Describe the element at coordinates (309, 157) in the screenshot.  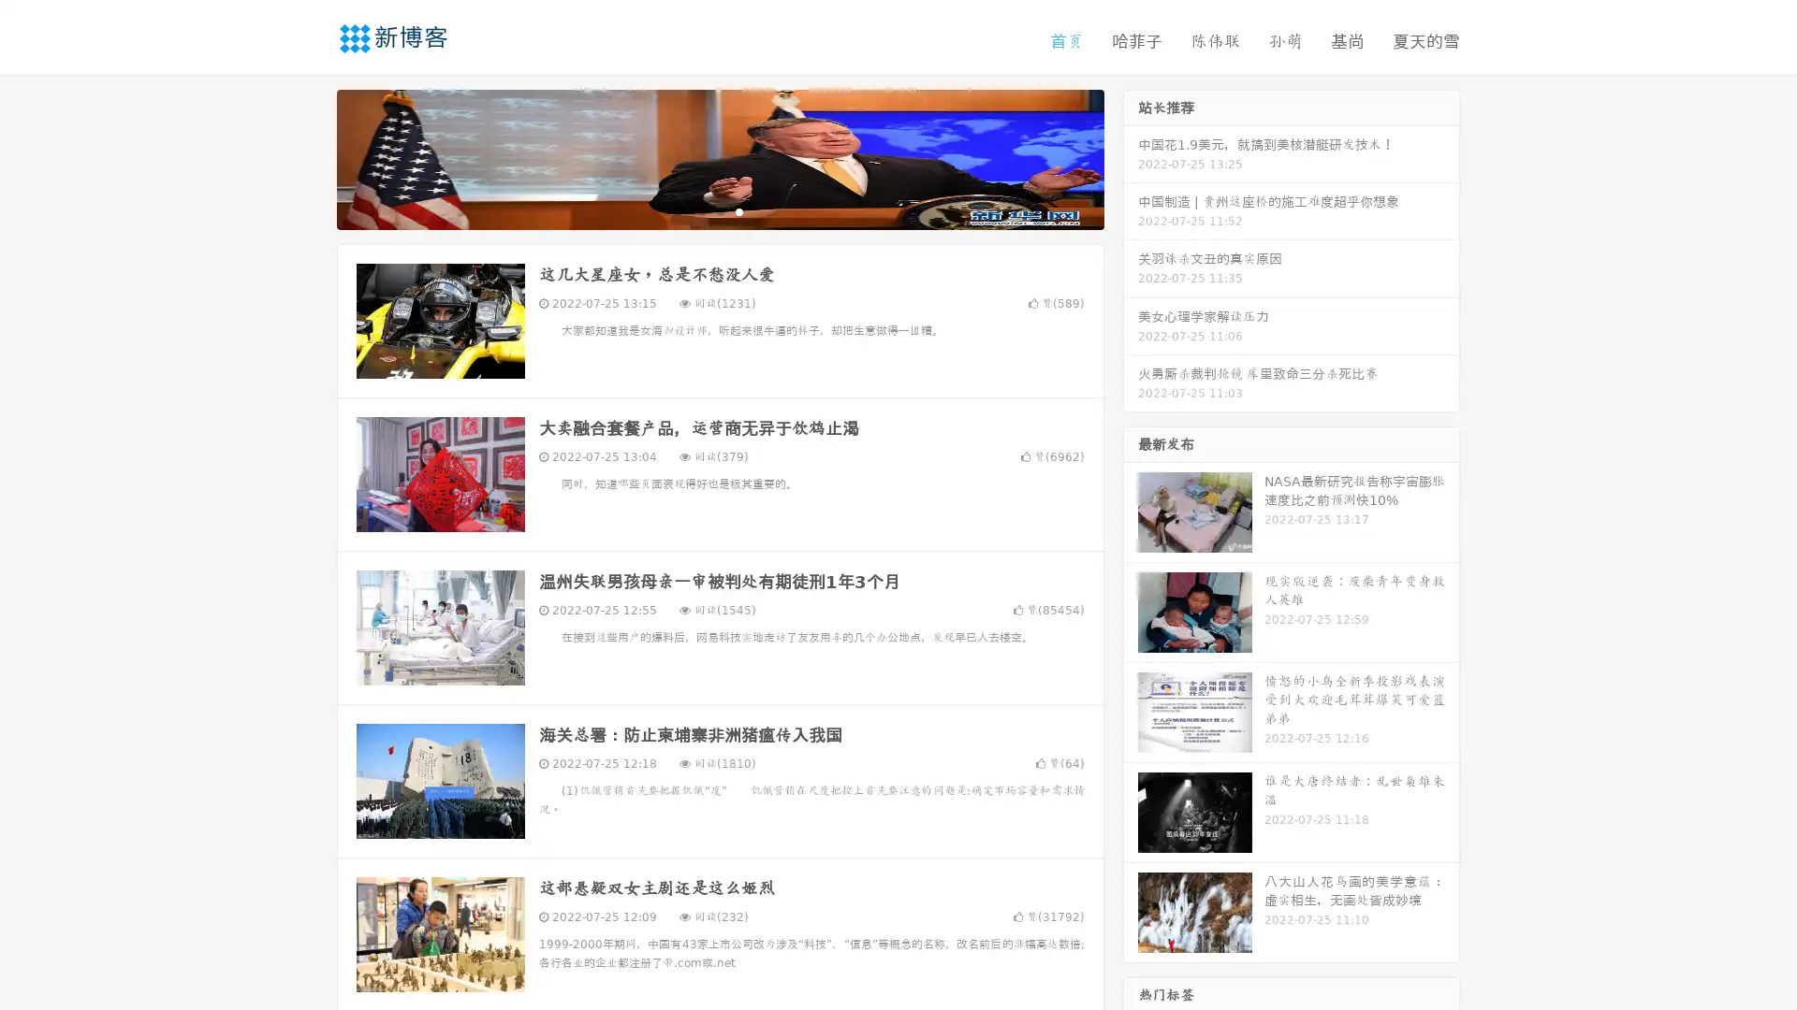
I see `Previous slide` at that location.